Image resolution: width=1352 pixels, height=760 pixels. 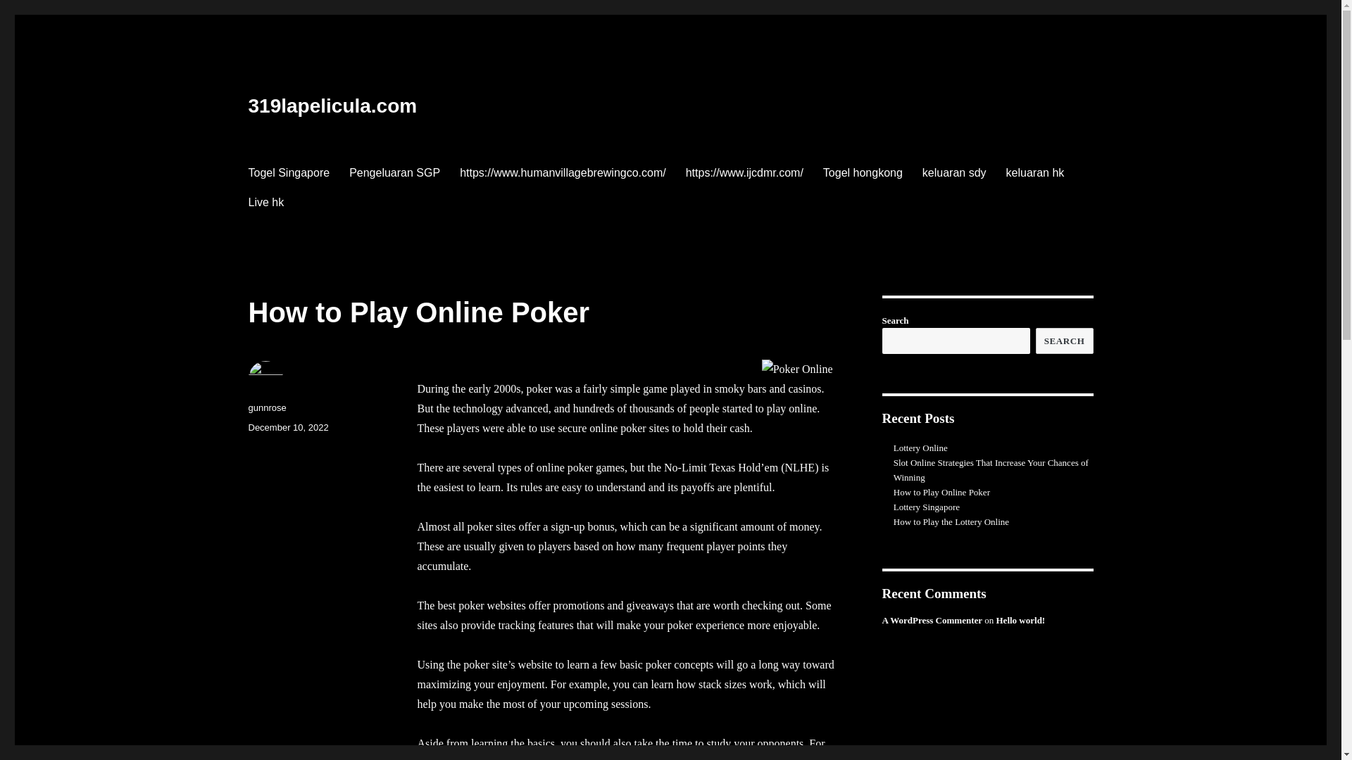 I want to click on 'Togel hongkong', so click(x=862, y=172).